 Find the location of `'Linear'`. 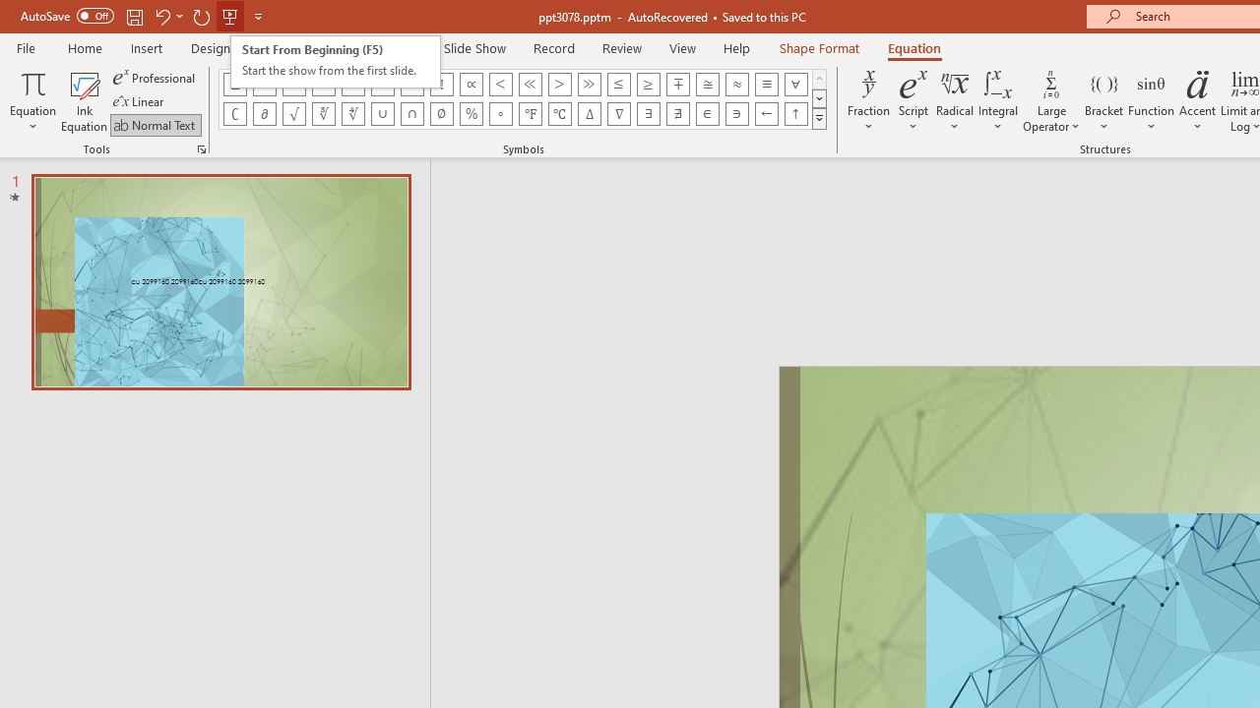

'Linear' is located at coordinates (139, 101).